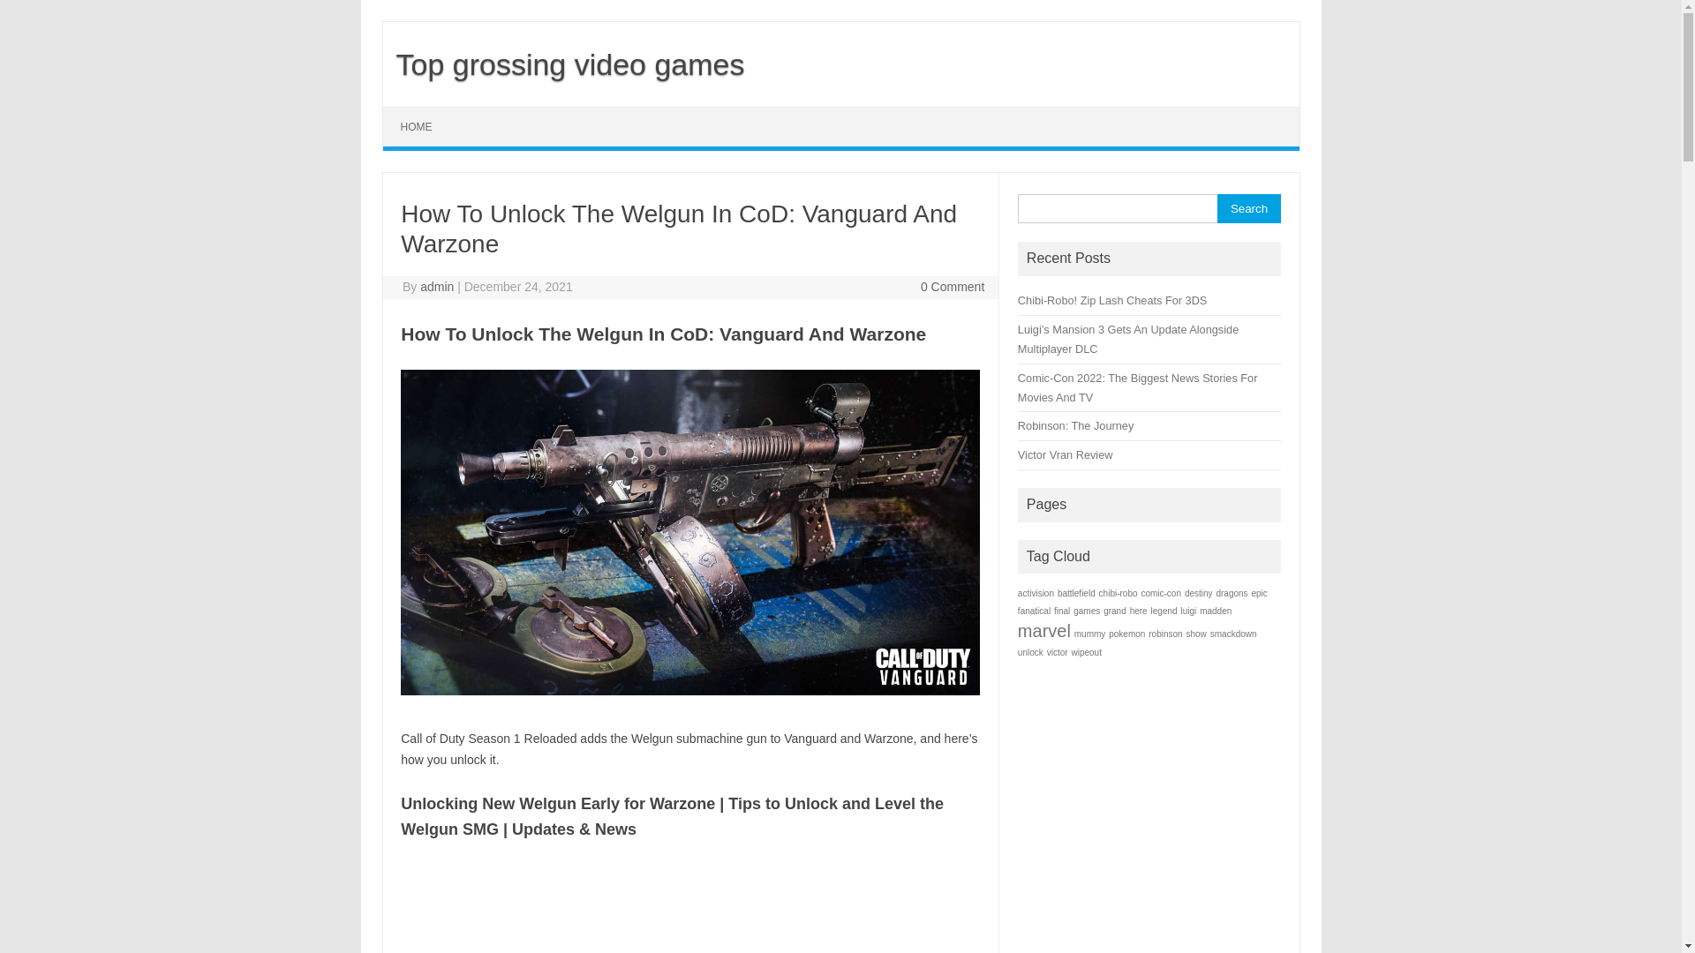 The width and height of the screenshot is (1695, 953). Describe the element at coordinates (1017, 425) in the screenshot. I see `'Robinson: The Journey'` at that location.